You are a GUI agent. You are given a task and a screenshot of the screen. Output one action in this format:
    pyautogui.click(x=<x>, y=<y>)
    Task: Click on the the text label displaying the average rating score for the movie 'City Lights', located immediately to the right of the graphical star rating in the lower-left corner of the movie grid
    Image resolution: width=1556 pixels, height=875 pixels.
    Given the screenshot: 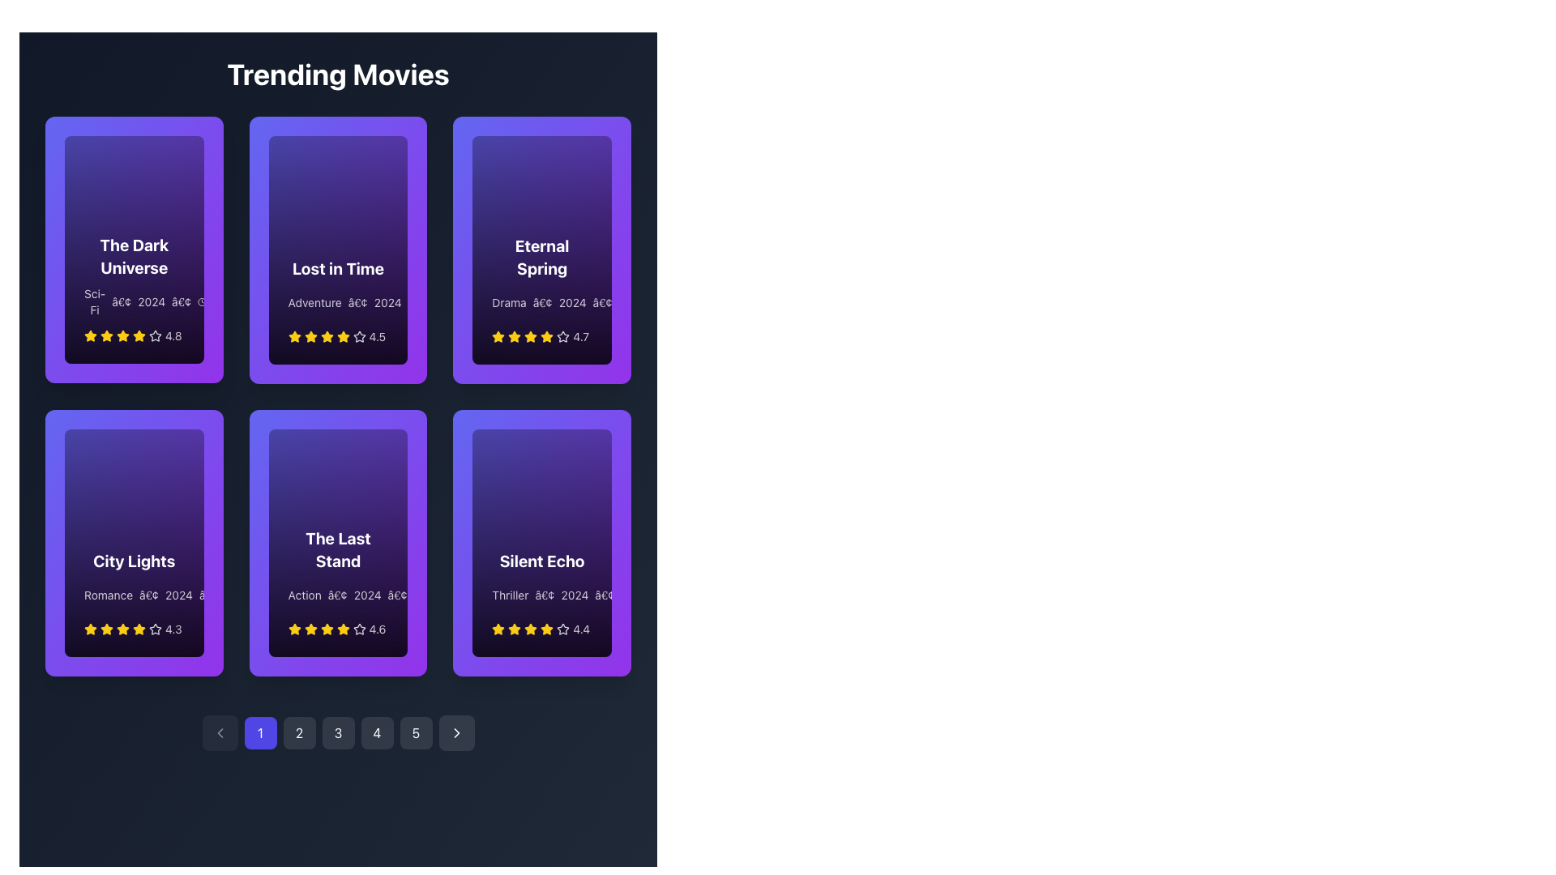 What is the action you would take?
    pyautogui.click(x=173, y=628)
    